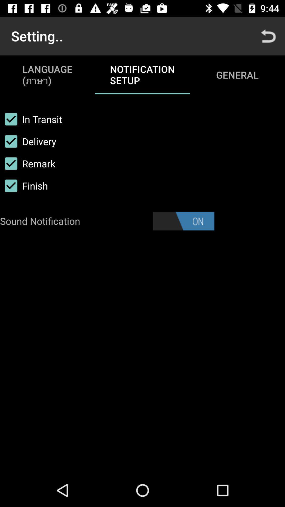  What do you see at coordinates (183, 221) in the screenshot?
I see `icon next to the sound notification icon` at bounding box center [183, 221].